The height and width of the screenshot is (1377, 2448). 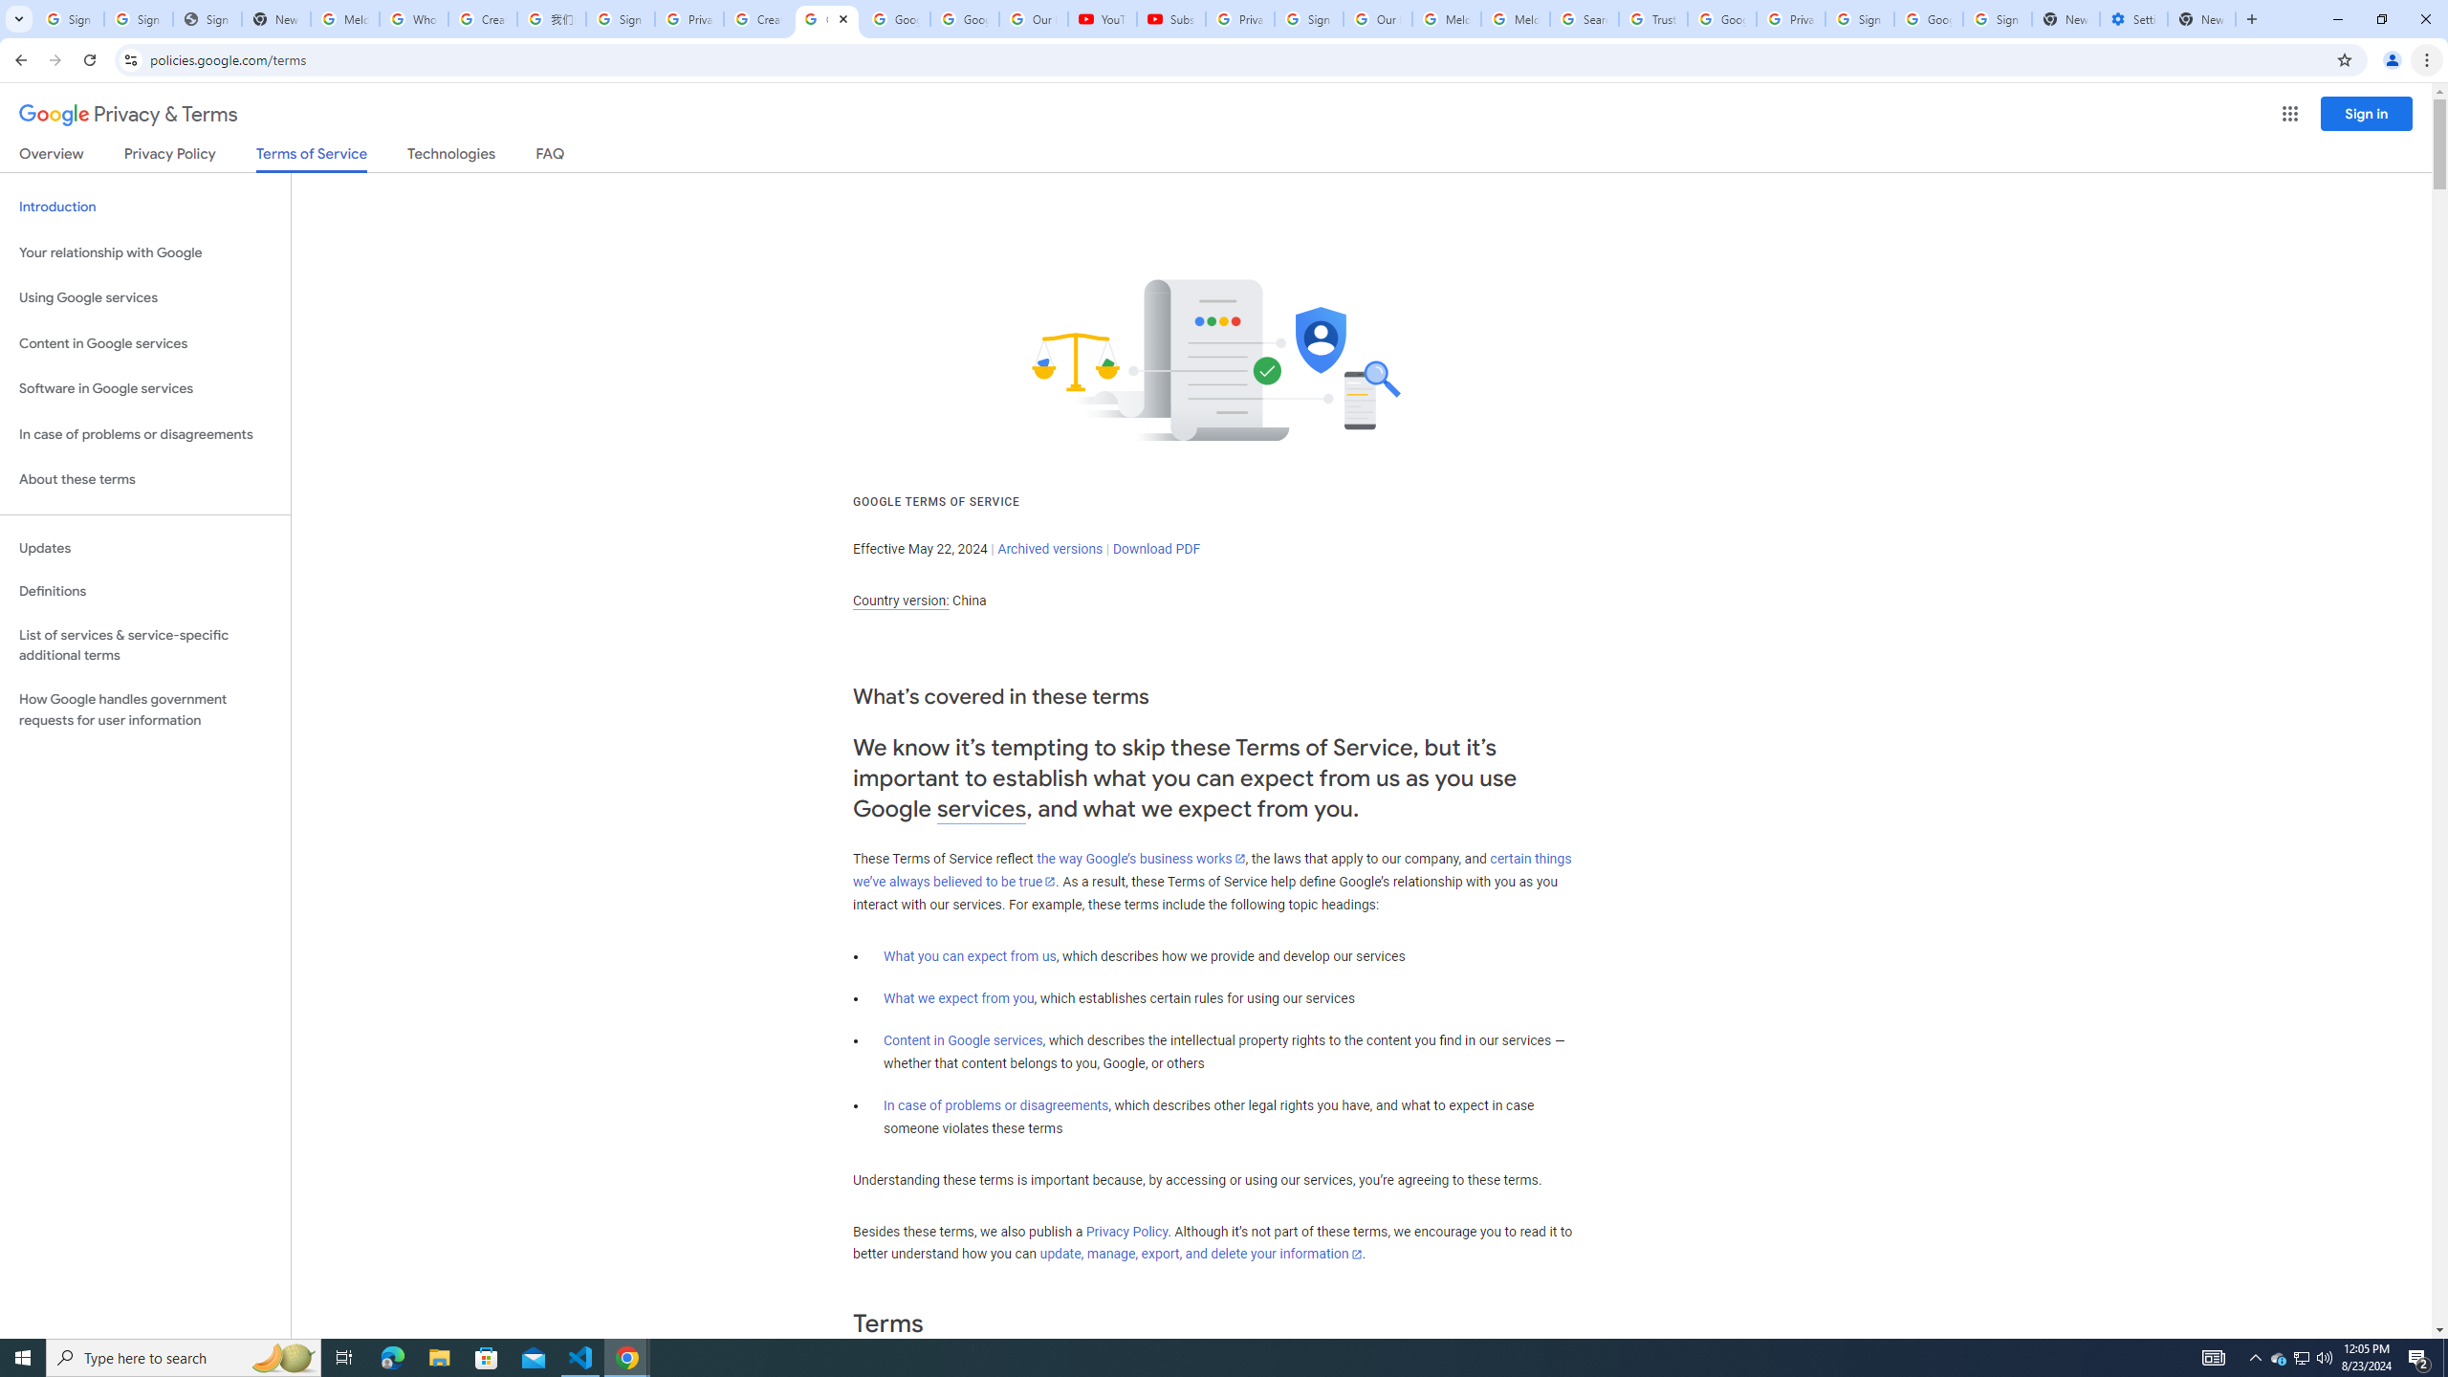 I want to click on 'FAQ', so click(x=550, y=157).